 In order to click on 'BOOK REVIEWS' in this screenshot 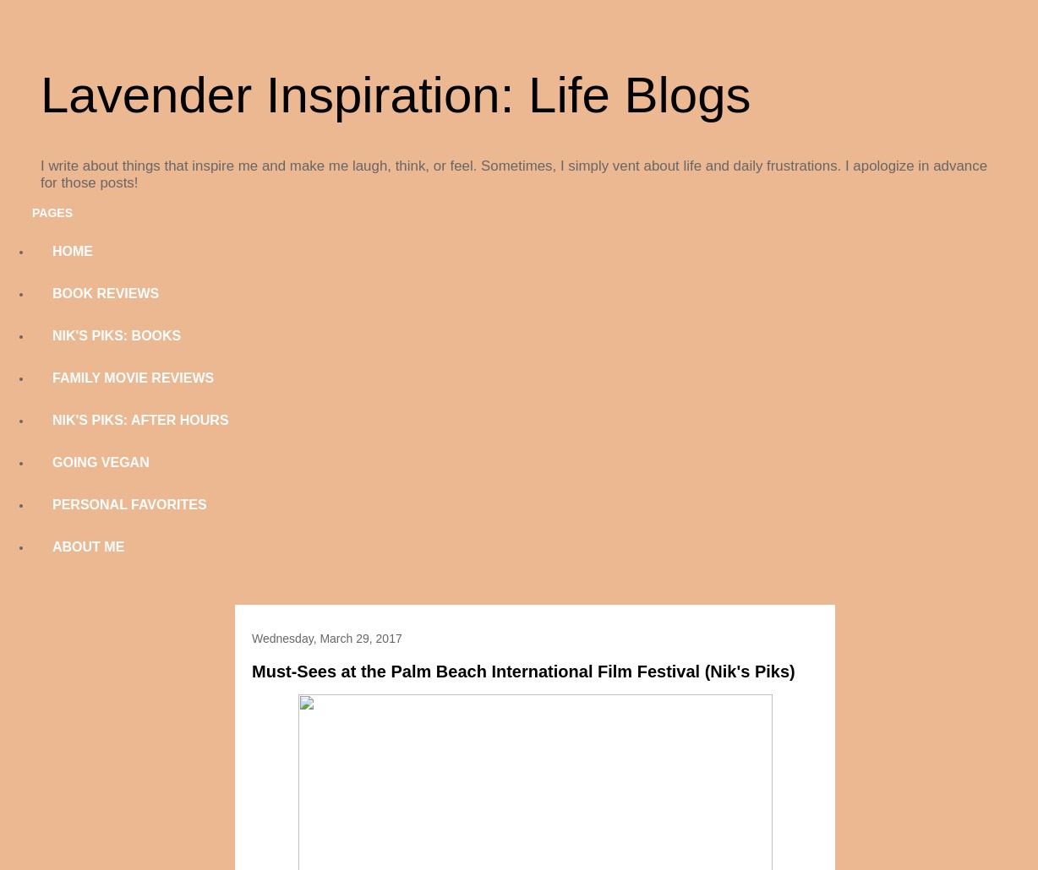, I will do `click(52, 293)`.